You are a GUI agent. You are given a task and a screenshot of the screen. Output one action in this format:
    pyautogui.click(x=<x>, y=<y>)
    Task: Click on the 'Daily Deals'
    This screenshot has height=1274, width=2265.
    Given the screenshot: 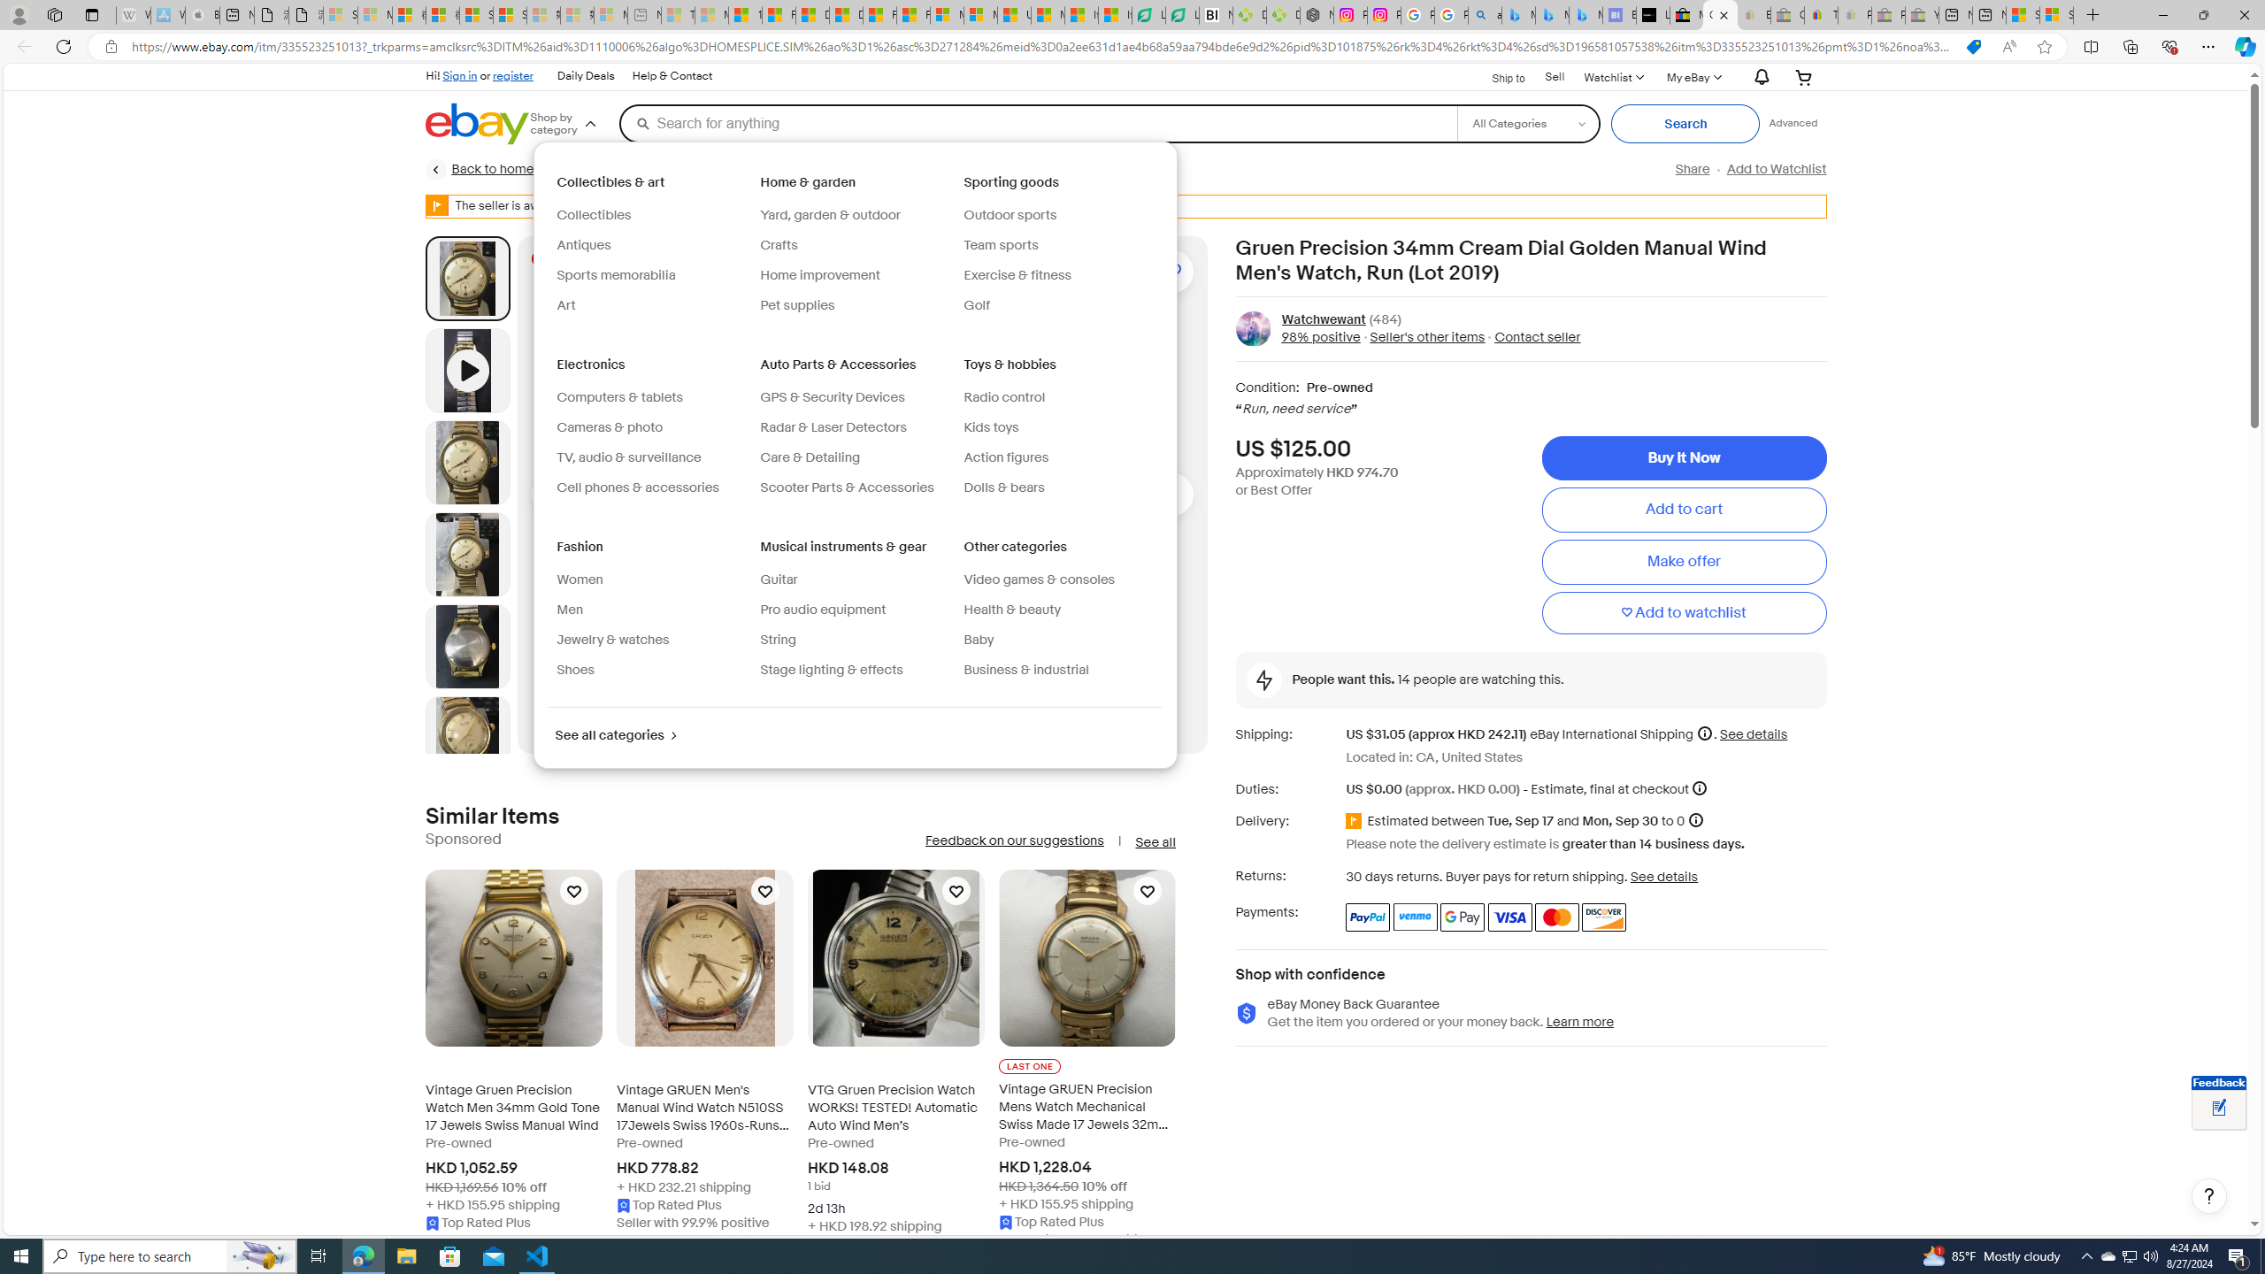 What is the action you would take?
    pyautogui.click(x=584, y=75)
    